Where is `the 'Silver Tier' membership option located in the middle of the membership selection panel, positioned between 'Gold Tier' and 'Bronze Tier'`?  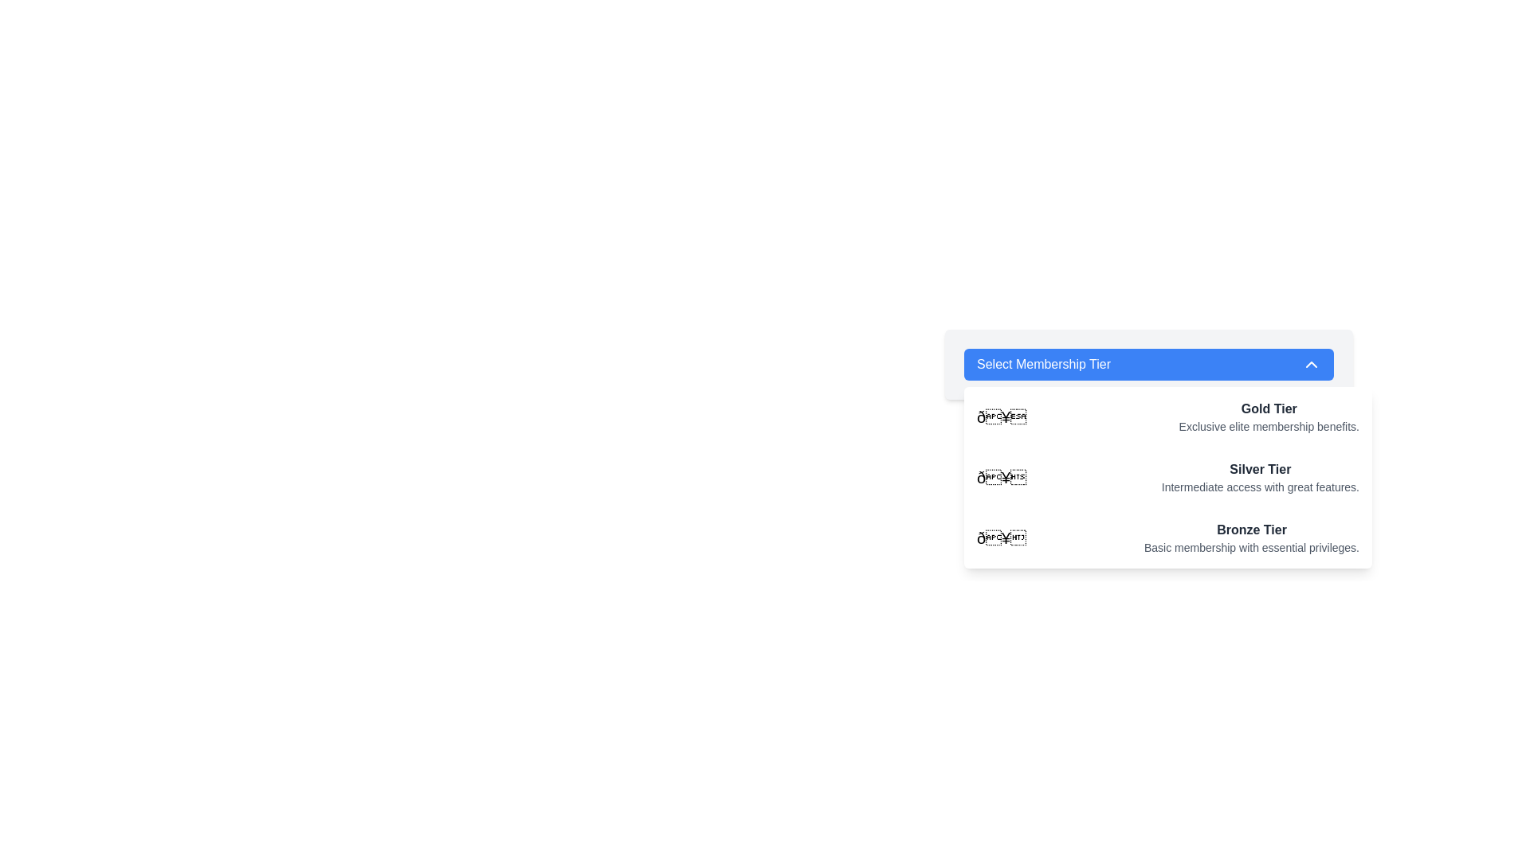 the 'Silver Tier' membership option located in the middle of the membership selection panel, positioned between 'Gold Tier' and 'Bronze Tier' is located at coordinates (1259, 477).